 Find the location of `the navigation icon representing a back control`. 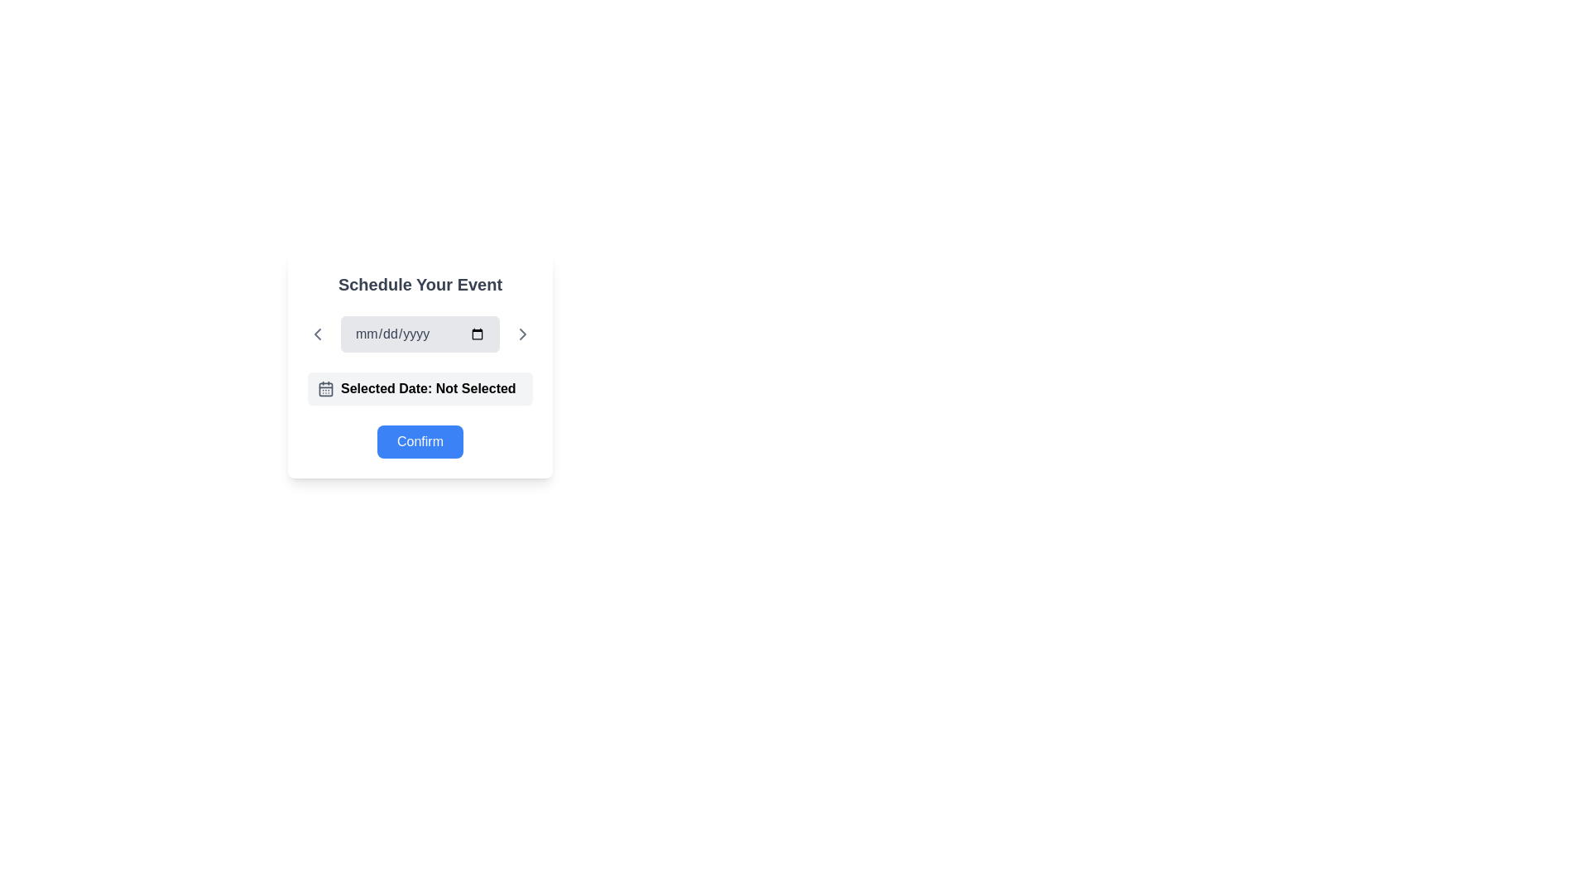

the navigation icon representing a back control is located at coordinates (318, 334).